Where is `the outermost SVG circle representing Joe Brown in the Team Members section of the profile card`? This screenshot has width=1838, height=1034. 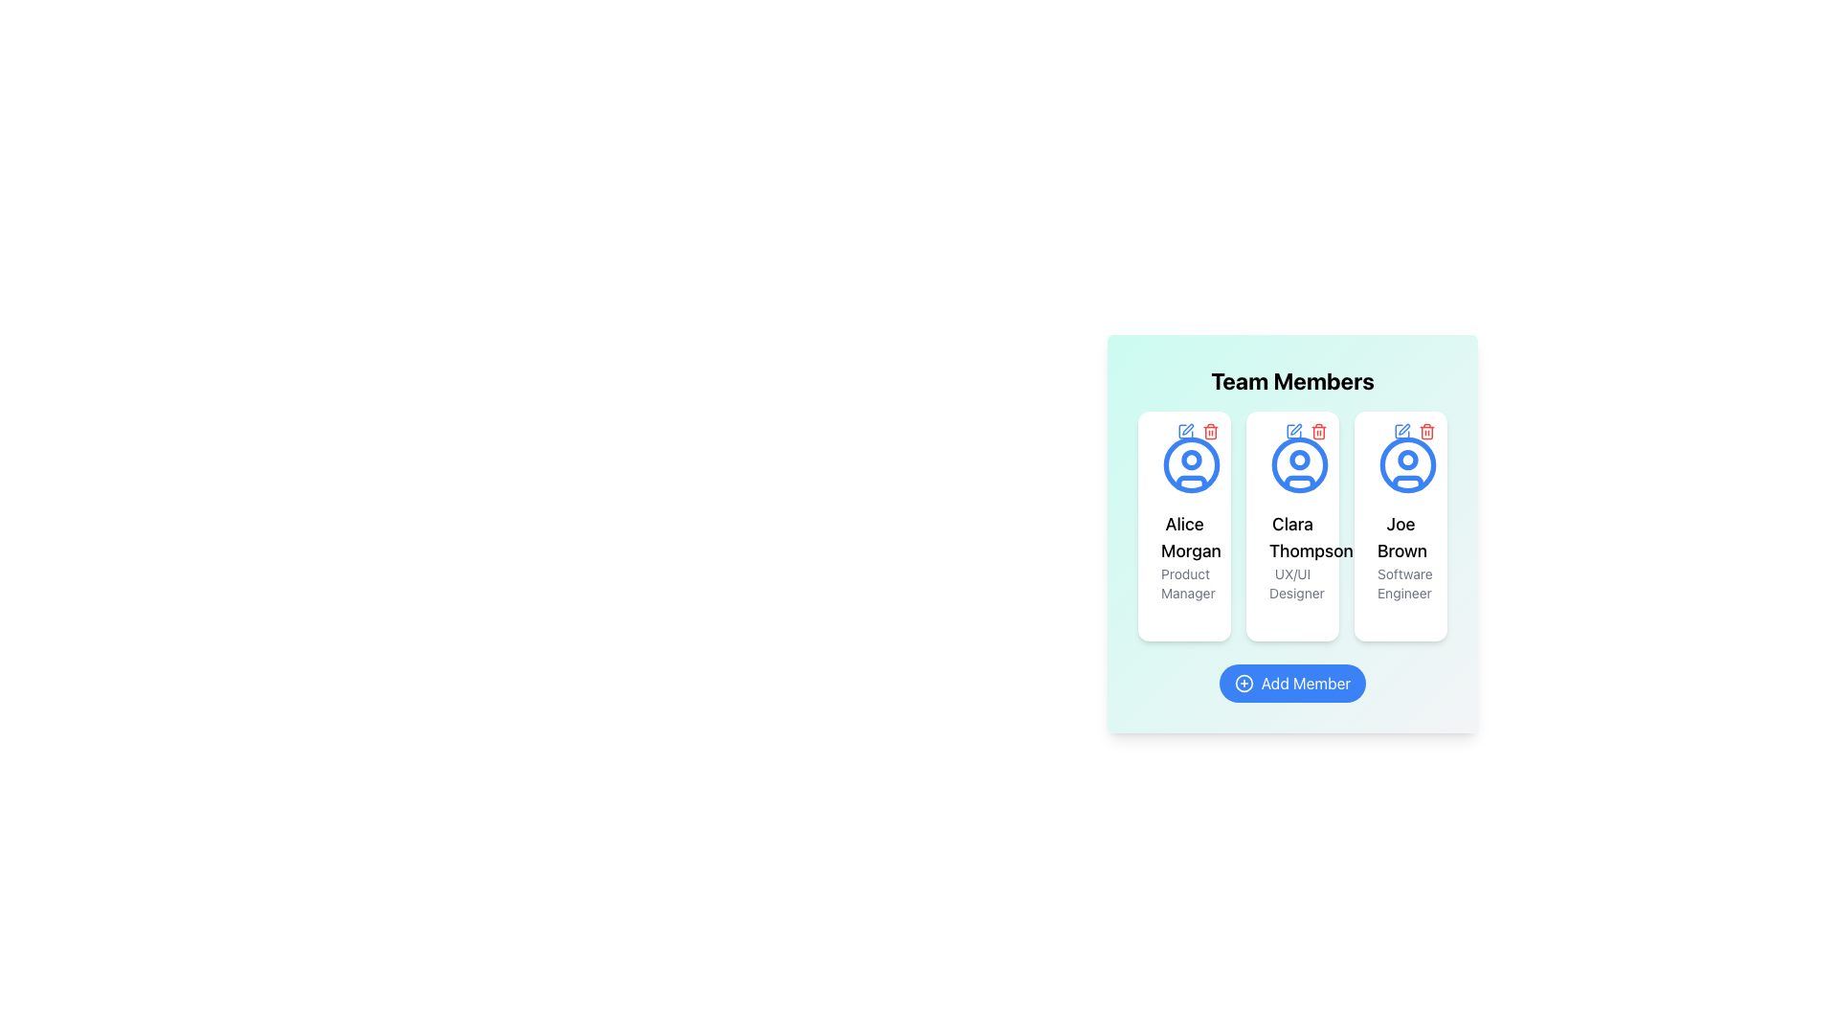
the outermost SVG circle representing Joe Brown in the Team Members section of the profile card is located at coordinates (1407, 465).